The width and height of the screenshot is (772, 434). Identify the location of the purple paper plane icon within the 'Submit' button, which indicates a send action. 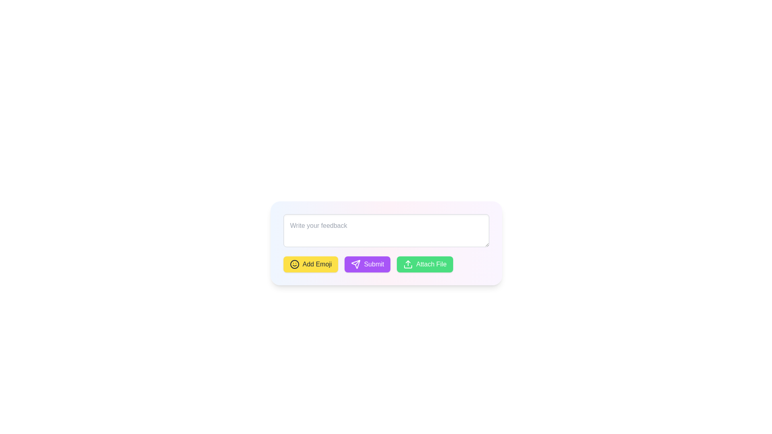
(355, 264).